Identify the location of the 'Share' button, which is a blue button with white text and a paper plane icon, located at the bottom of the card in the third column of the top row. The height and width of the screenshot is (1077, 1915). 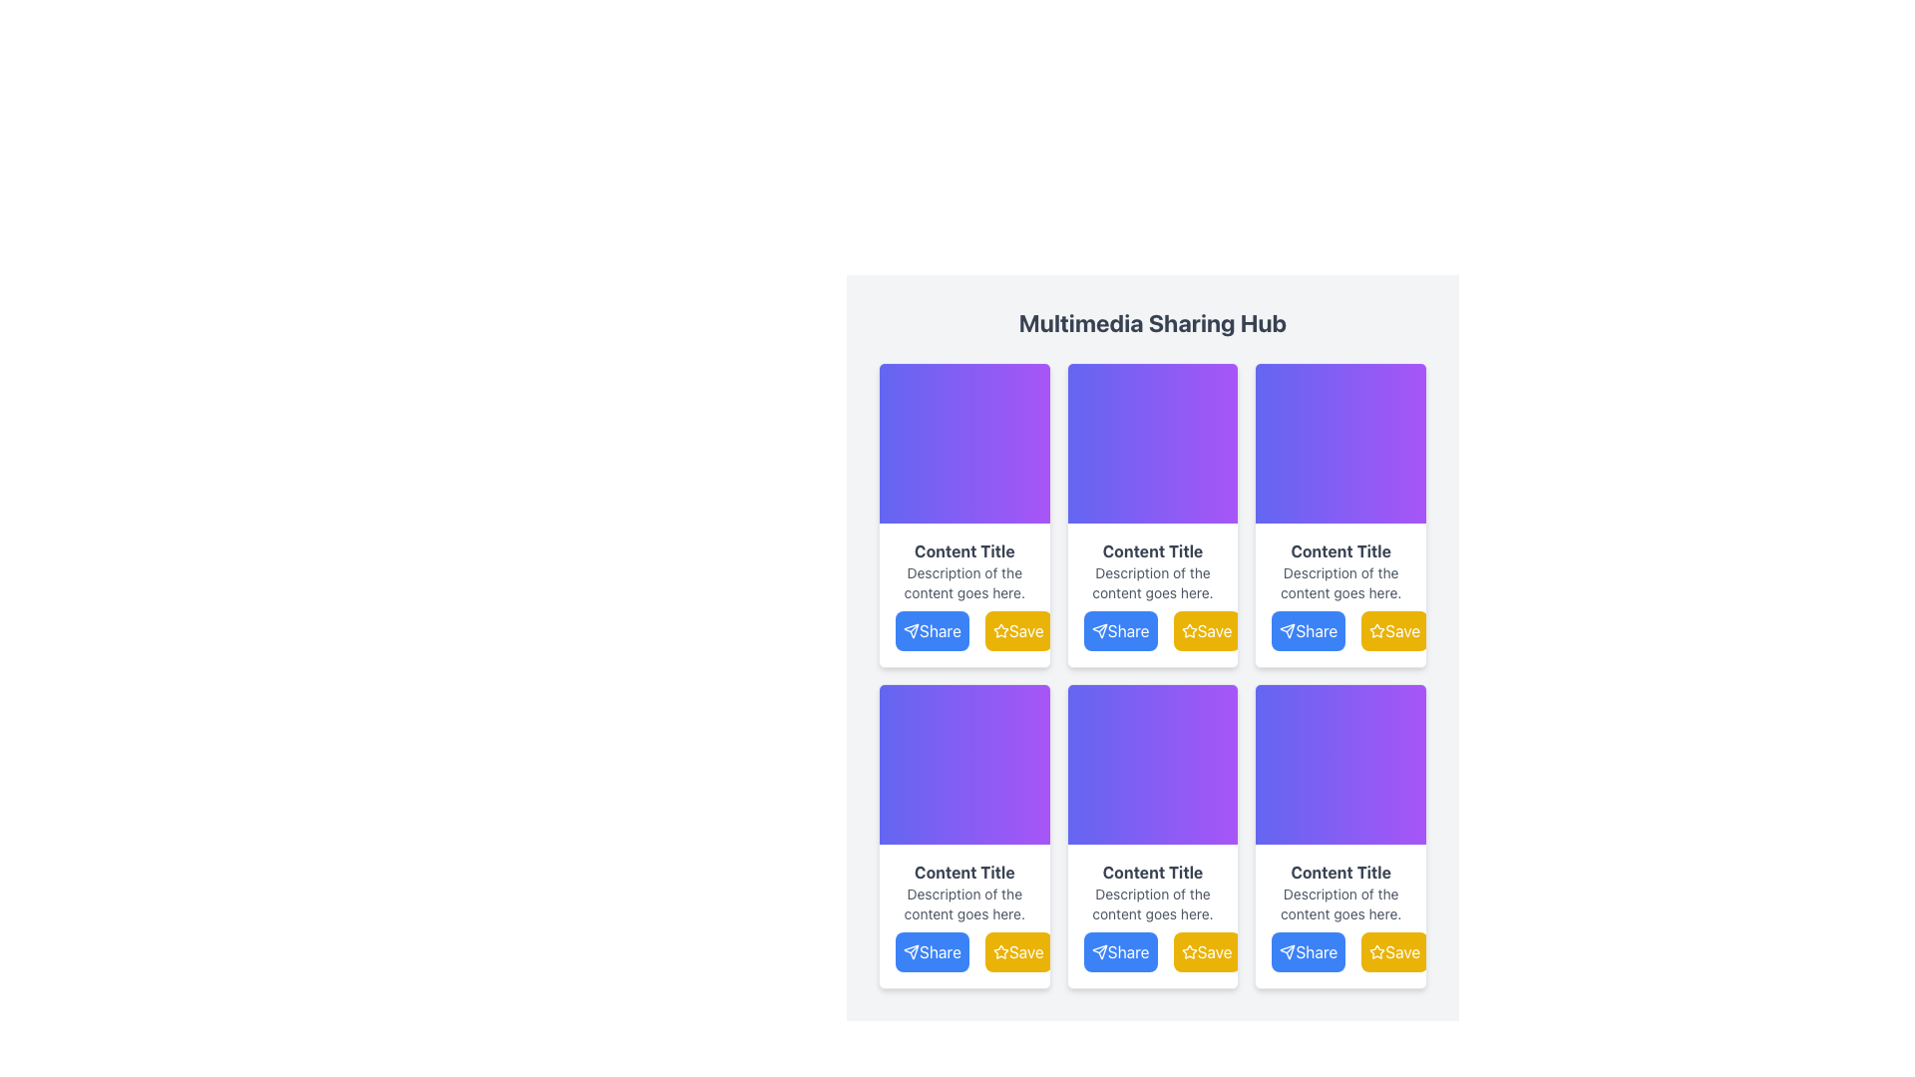
(1309, 630).